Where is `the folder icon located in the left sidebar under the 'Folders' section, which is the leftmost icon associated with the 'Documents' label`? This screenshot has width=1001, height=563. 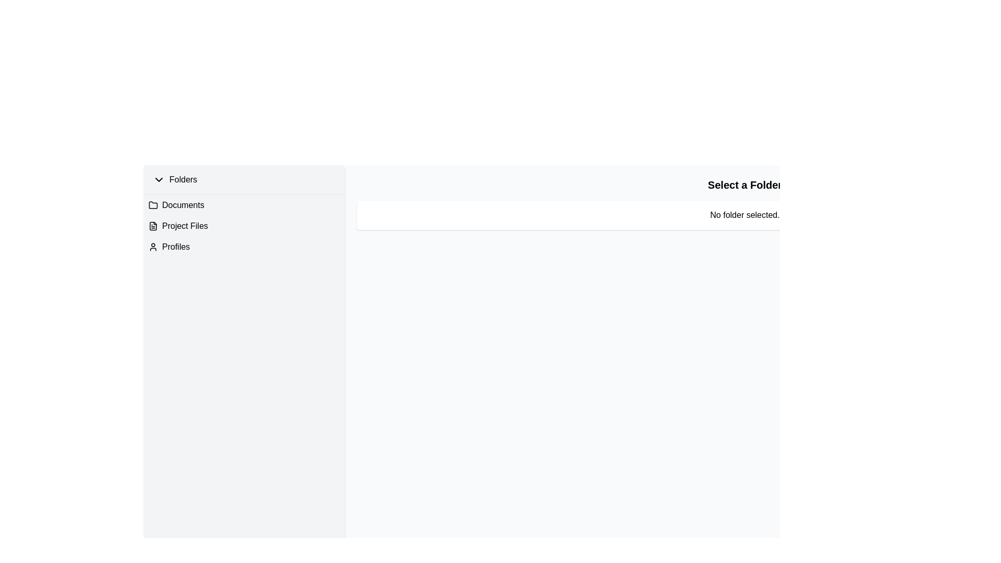 the folder icon located in the left sidebar under the 'Folders' section, which is the leftmost icon associated with the 'Documents' label is located at coordinates (152, 205).